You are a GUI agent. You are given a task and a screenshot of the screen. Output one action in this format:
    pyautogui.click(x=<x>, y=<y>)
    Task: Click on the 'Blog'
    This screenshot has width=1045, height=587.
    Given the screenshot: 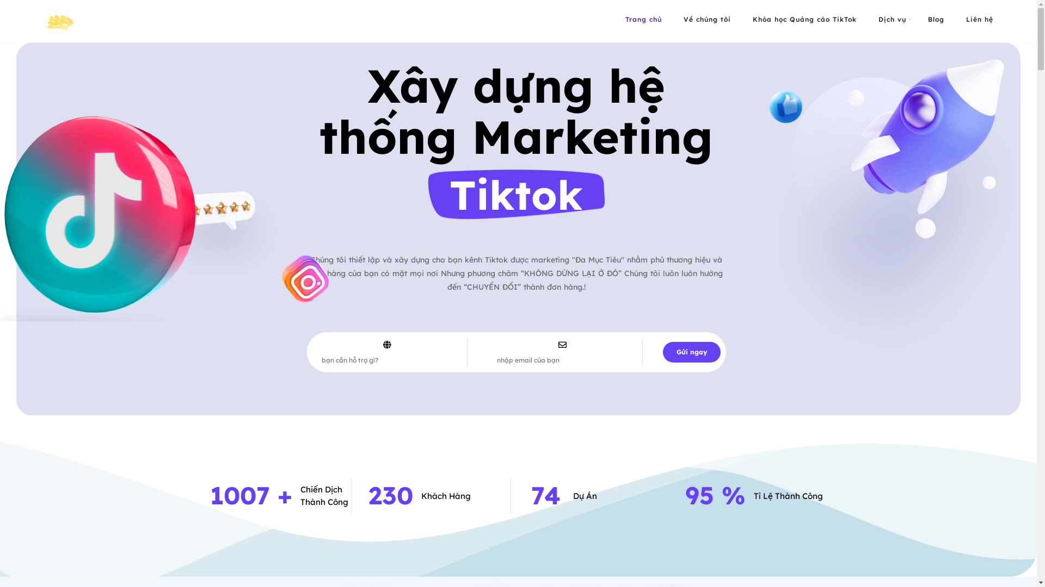 What is the action you would take?
    pyautogui.click(x=935, y=19)
    